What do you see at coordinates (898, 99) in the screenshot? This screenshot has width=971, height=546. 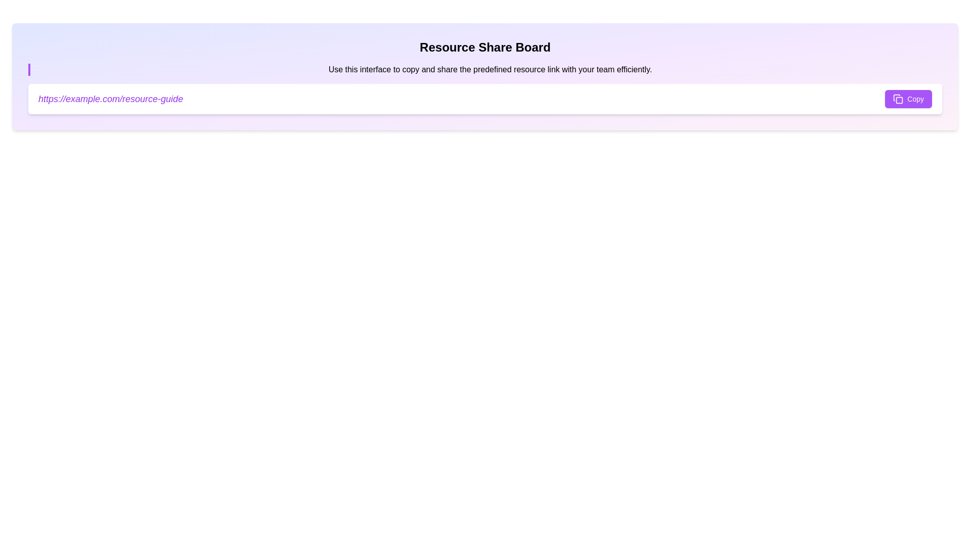 I see `the SVG icon representing a 'copy' operation, which is located within a purple button adjacent to the 'Copy' text` at bounding box center [898, 99].